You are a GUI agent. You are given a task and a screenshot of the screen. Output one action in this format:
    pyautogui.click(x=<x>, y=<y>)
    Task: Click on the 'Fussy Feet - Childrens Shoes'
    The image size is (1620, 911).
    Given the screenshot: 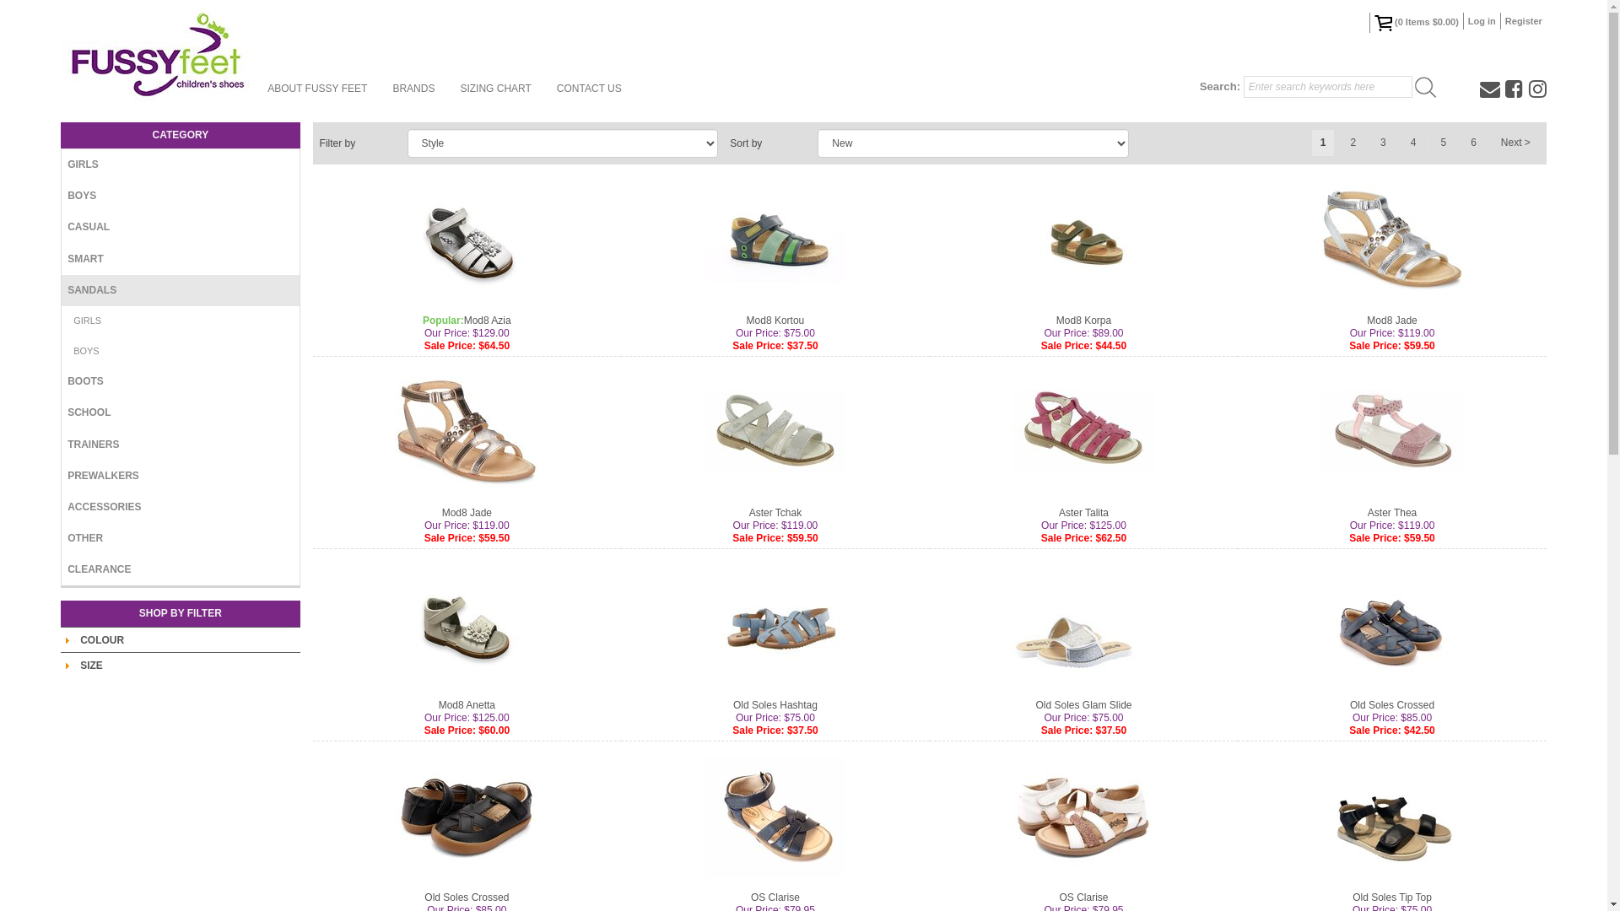 What is the action you would take?
    pyautogui.click(x=158, y=54)
    